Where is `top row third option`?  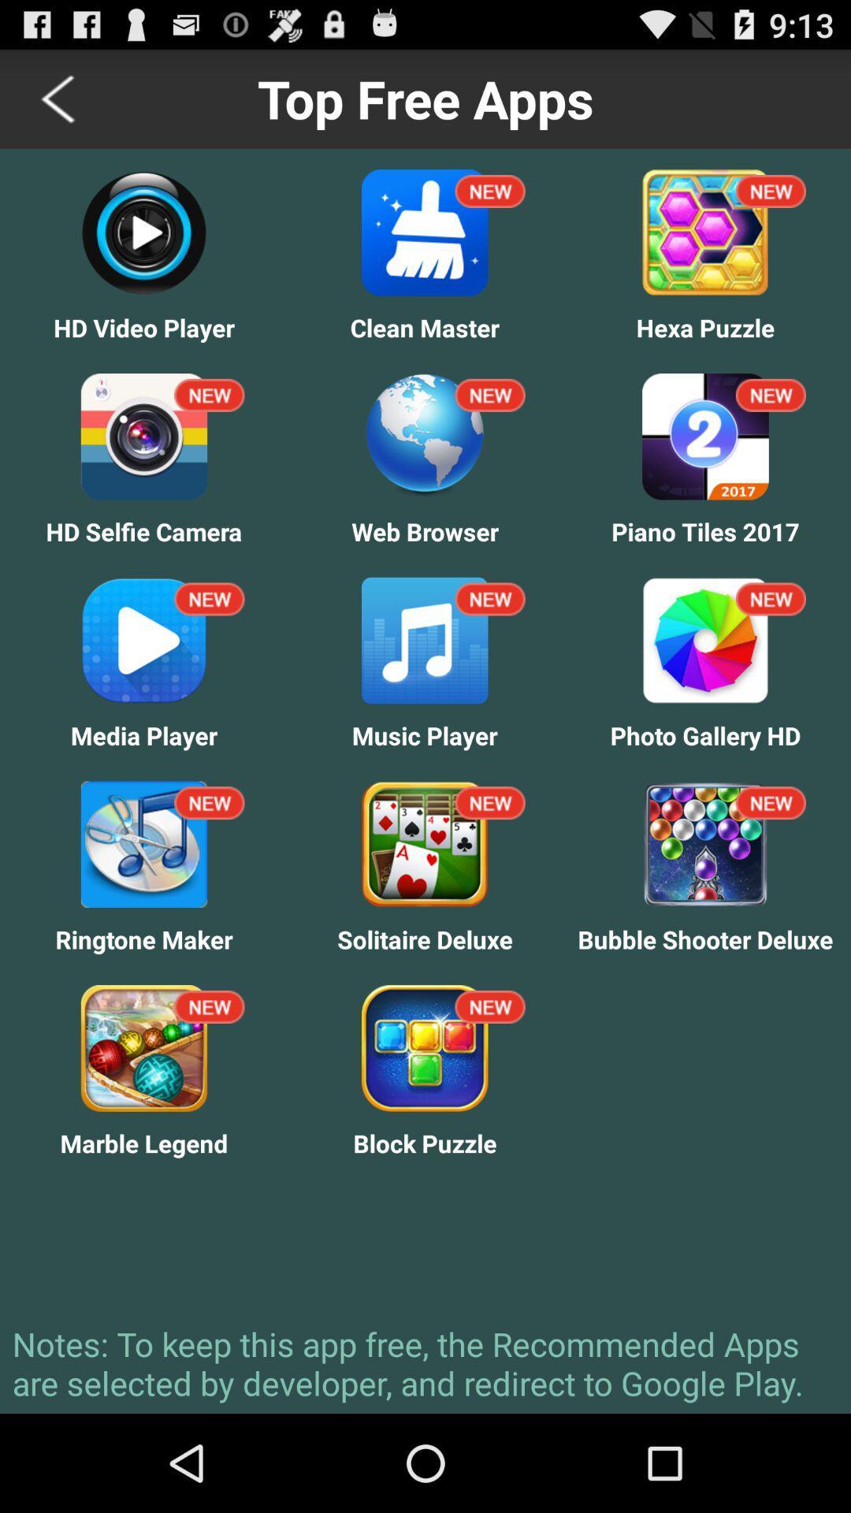
top row third option is located at coordinates (770, 191).